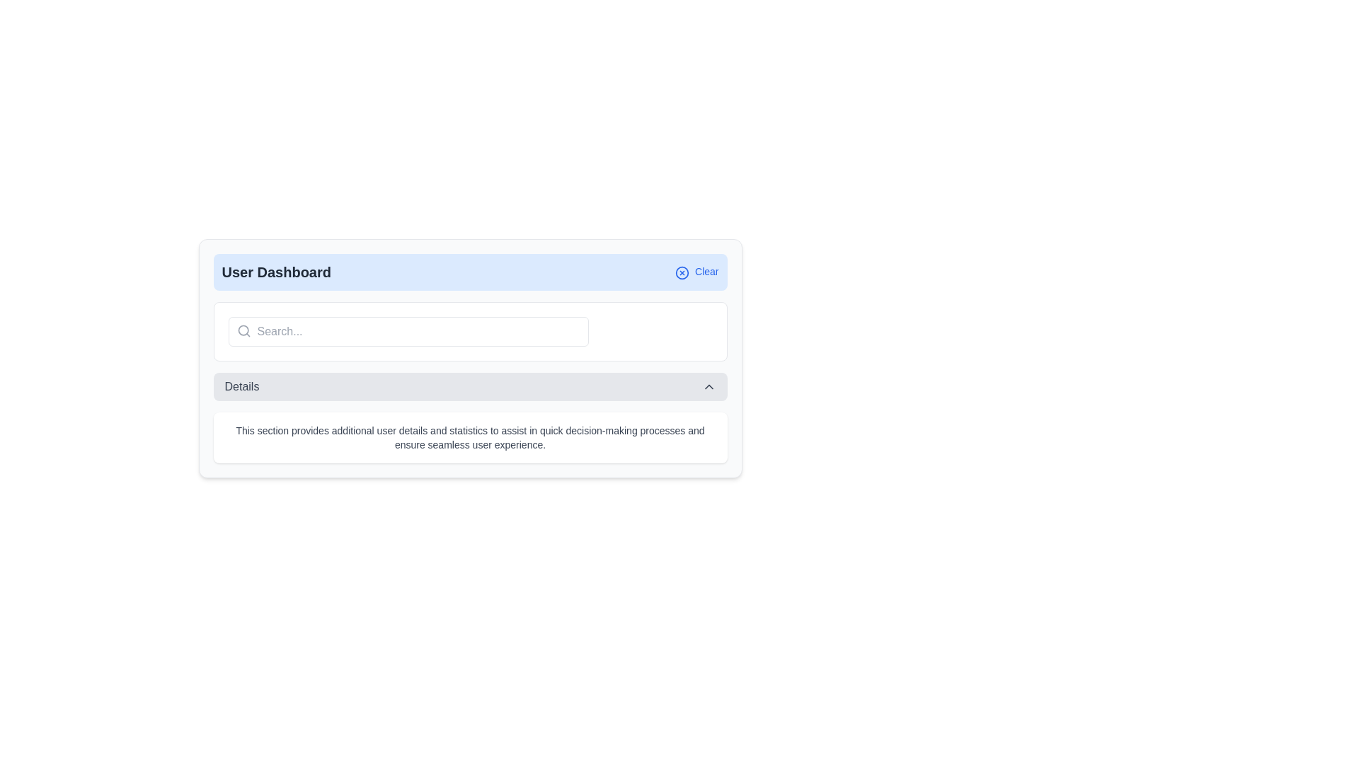  I want to click on the magnifying glass icon located in the top-left corner of the search bar, which is below the 'User Dashboard' heading, so click(243, 330).